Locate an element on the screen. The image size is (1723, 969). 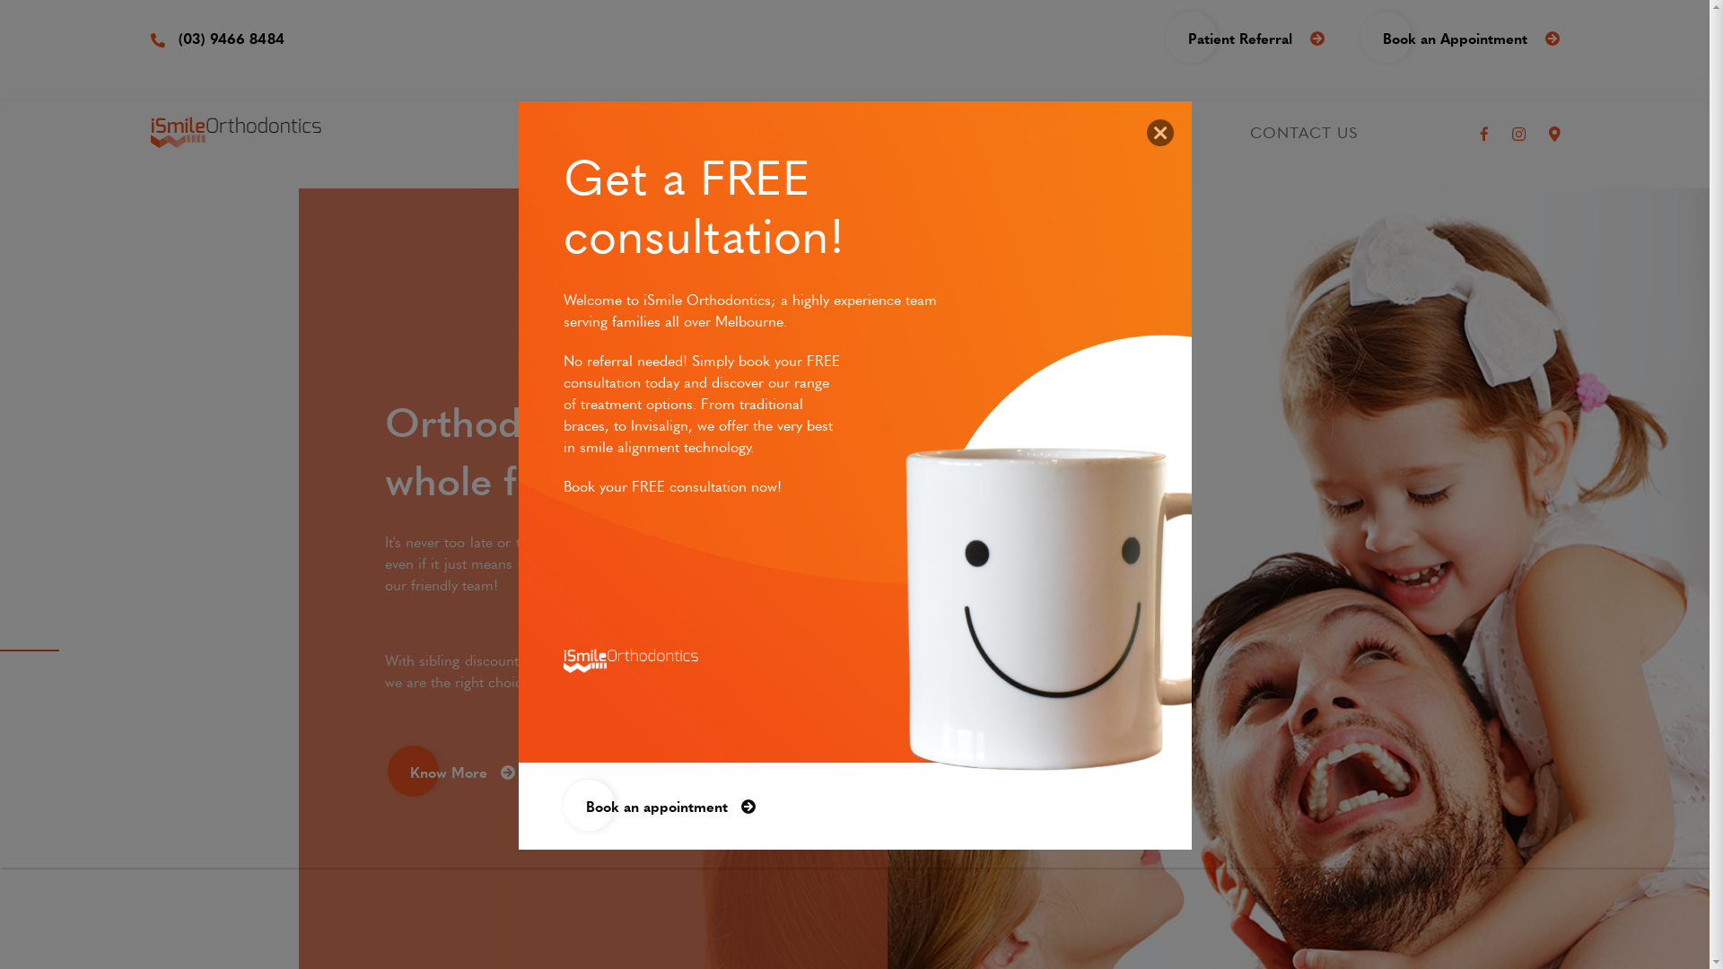
'TREATMENTS' is located at coordinates (766, 131).